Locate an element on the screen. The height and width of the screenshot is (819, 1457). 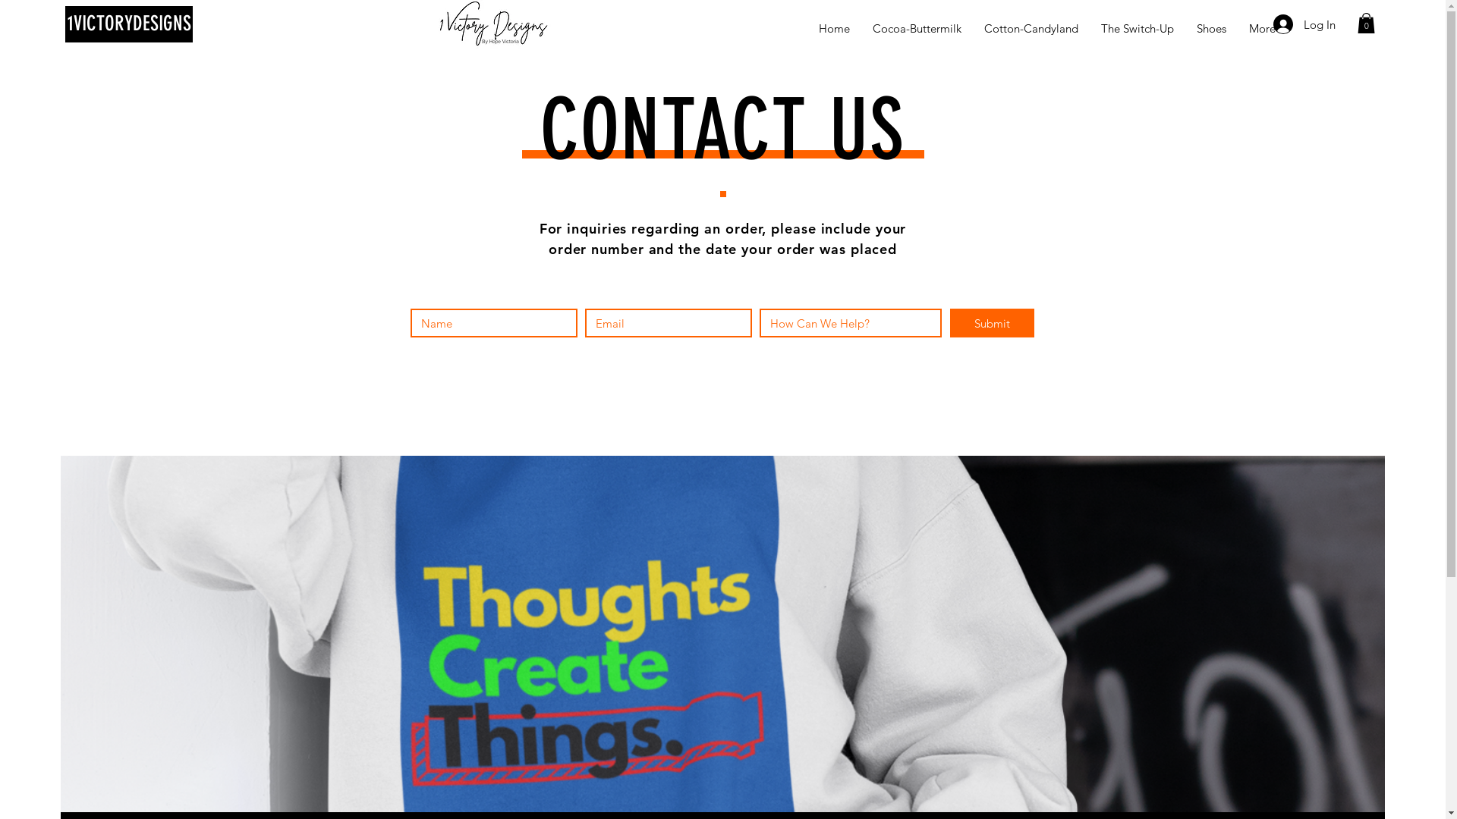
'1_edited.jpg' is located at coordinates (493, 24).